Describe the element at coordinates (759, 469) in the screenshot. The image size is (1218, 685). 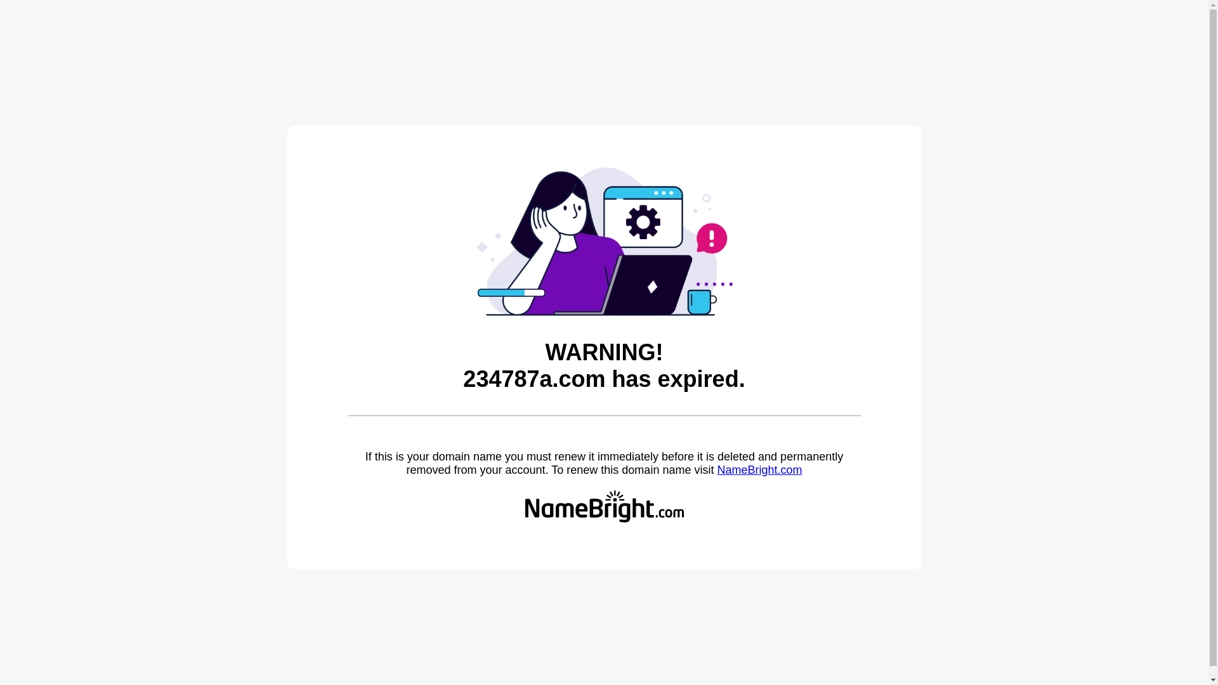
I see `'NameBright.com'` at that location.